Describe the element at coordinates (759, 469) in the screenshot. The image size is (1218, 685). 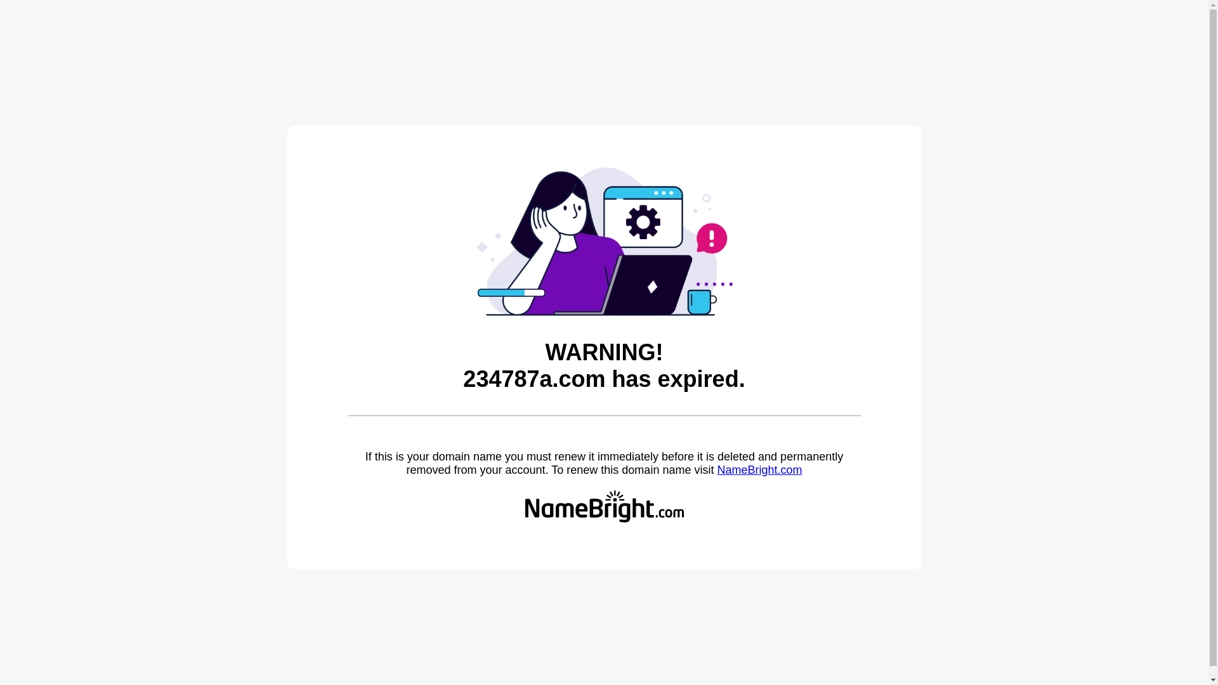
I see `'NameBright.com'` at that location.